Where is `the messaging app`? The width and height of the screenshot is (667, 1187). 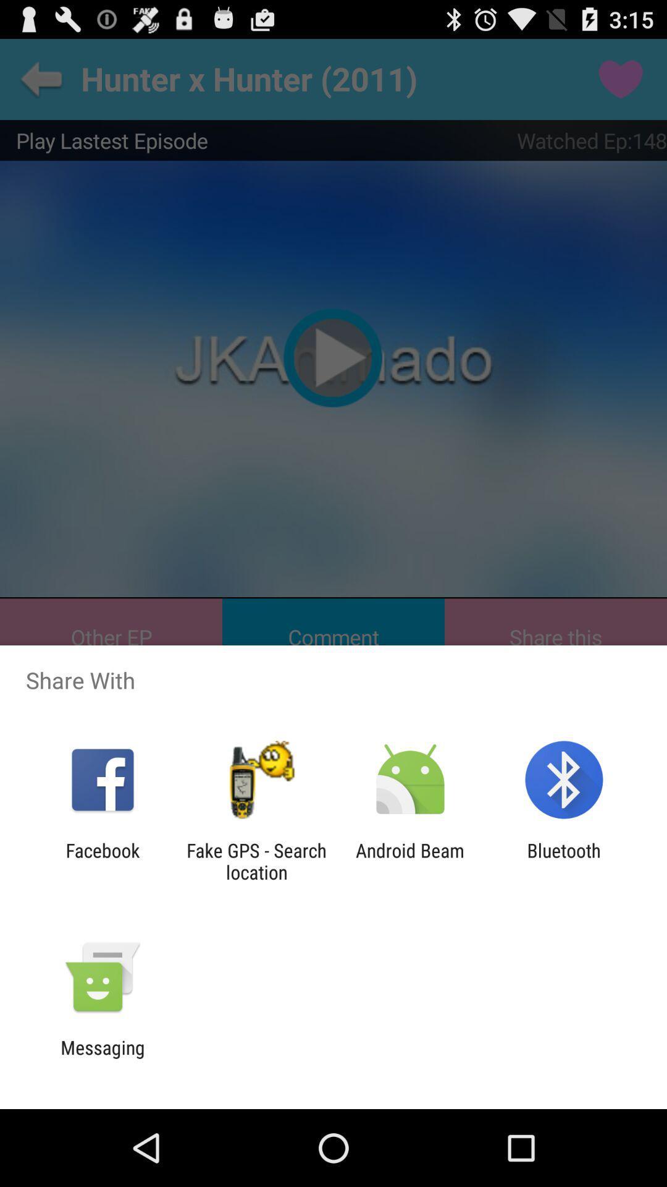
the messaging app is located at coordinates (102, 1058).